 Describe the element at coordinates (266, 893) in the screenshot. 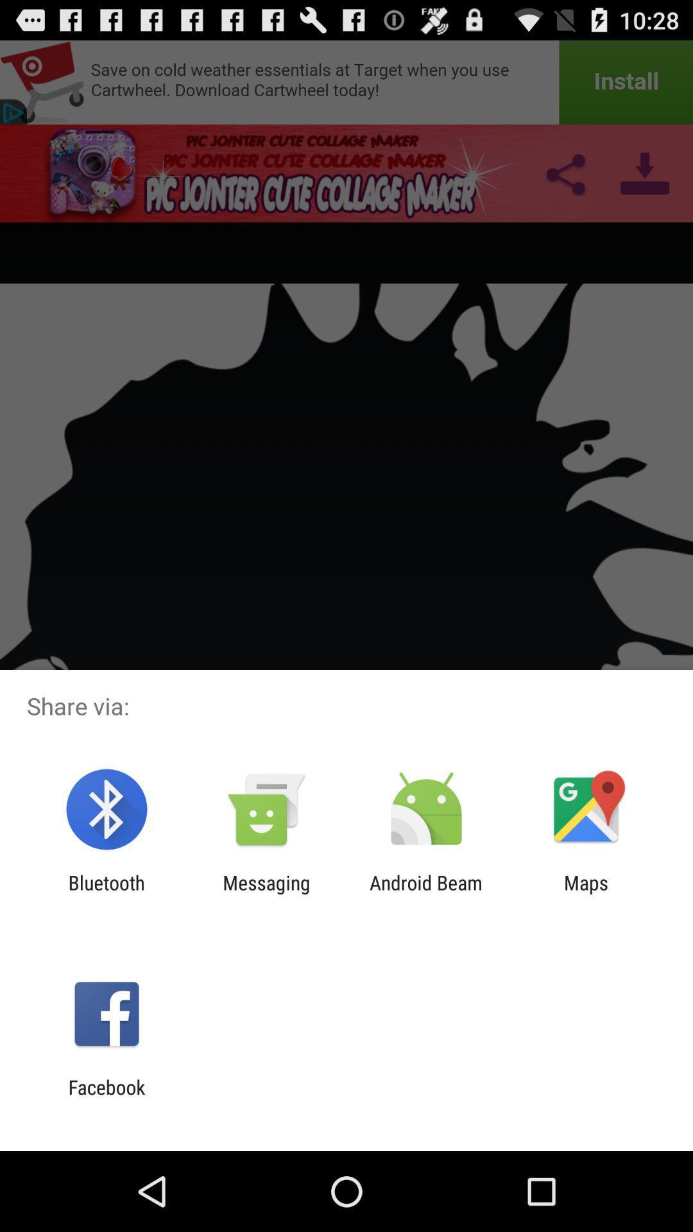

I see `the item next to android beam item` at that location.